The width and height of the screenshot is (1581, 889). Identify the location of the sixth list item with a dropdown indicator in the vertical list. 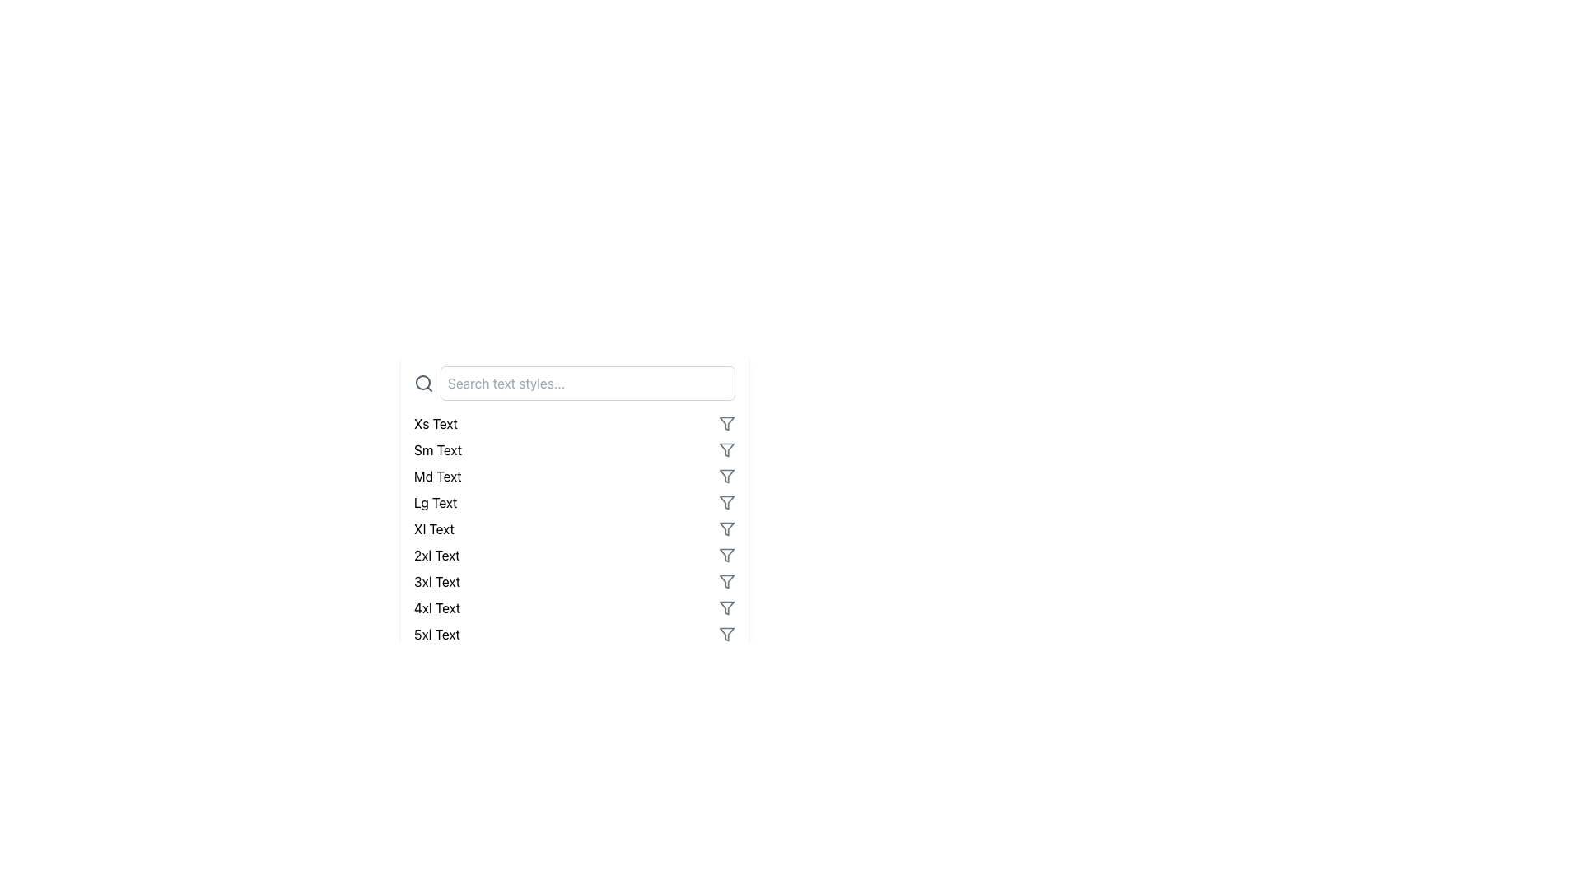
(574, 556).